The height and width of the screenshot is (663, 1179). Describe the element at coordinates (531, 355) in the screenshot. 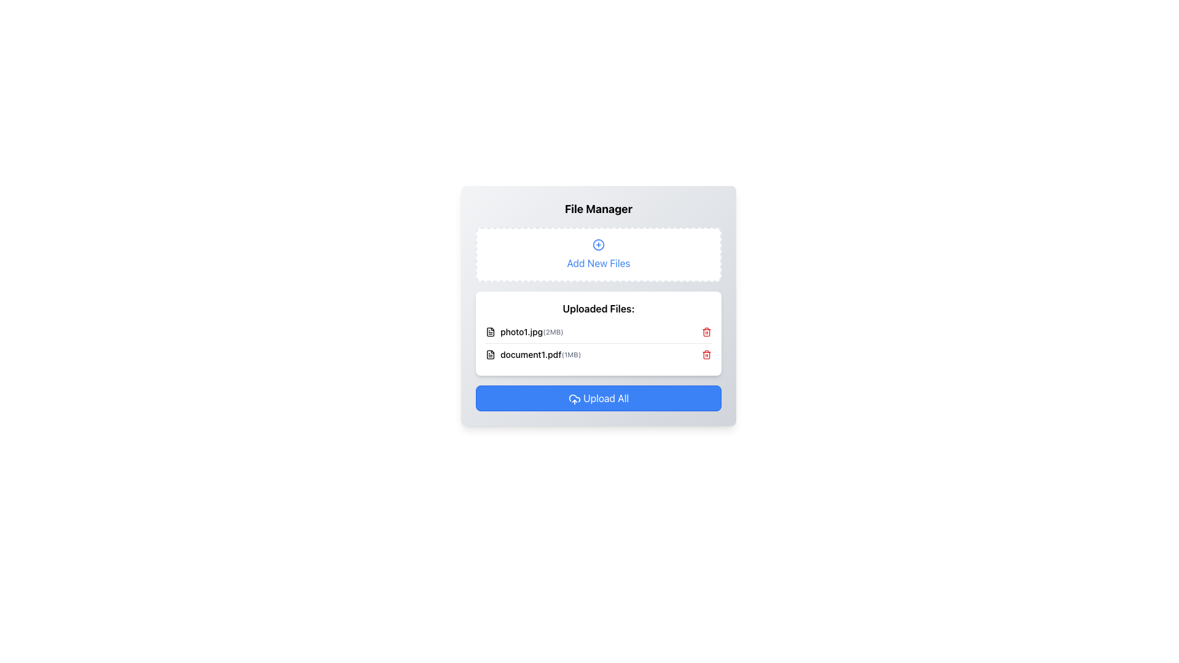

I see `the text label displaying the filename of the uploaded file, which is located under the first file entry named 'photo1.jpg'` at that location.